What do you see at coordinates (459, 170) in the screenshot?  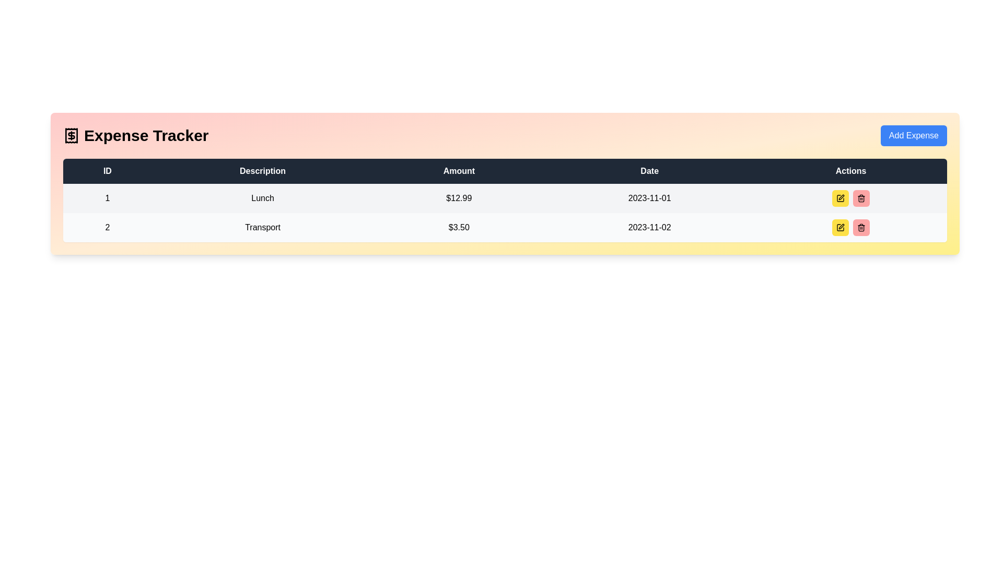 I see `the 'Amount' header label in the table, which is the third header in the sequence following 'ID' and 'Description'` at bounding box center [459, 170].